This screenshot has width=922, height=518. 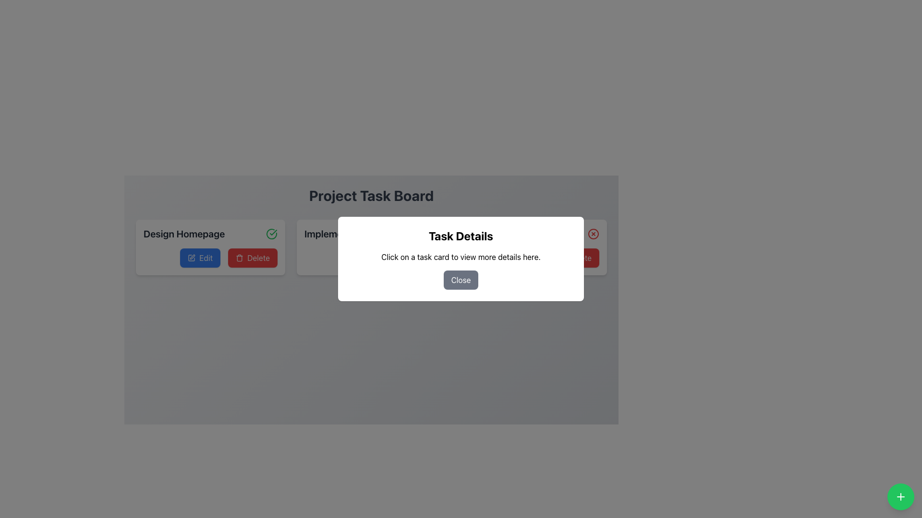 I want to click on the plus (+) icon located in the bottom-right corner of the interface, so click(x=900, y=496).